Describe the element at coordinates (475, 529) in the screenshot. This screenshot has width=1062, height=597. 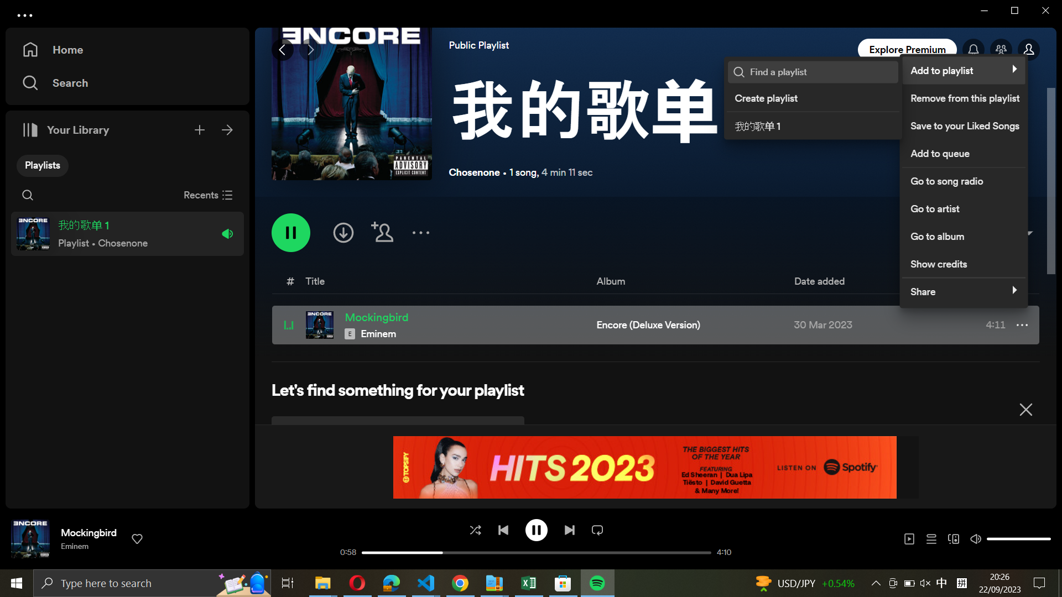
I see `Activate shuffle function for the playlist` at that location.